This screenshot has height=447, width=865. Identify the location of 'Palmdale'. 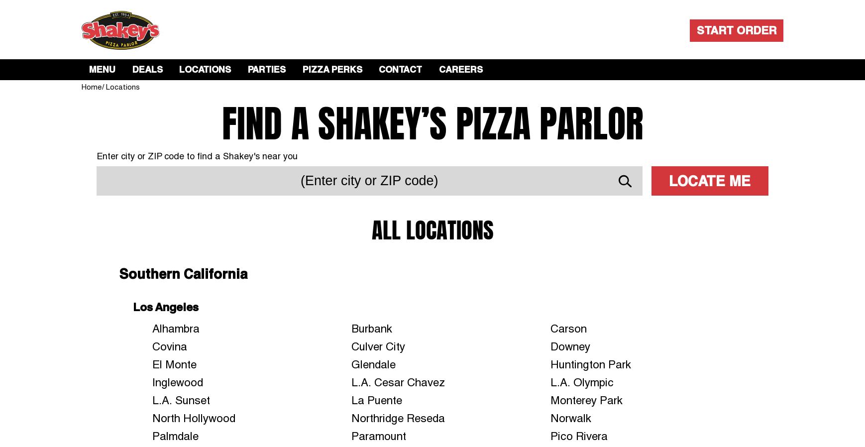
(175, 436).